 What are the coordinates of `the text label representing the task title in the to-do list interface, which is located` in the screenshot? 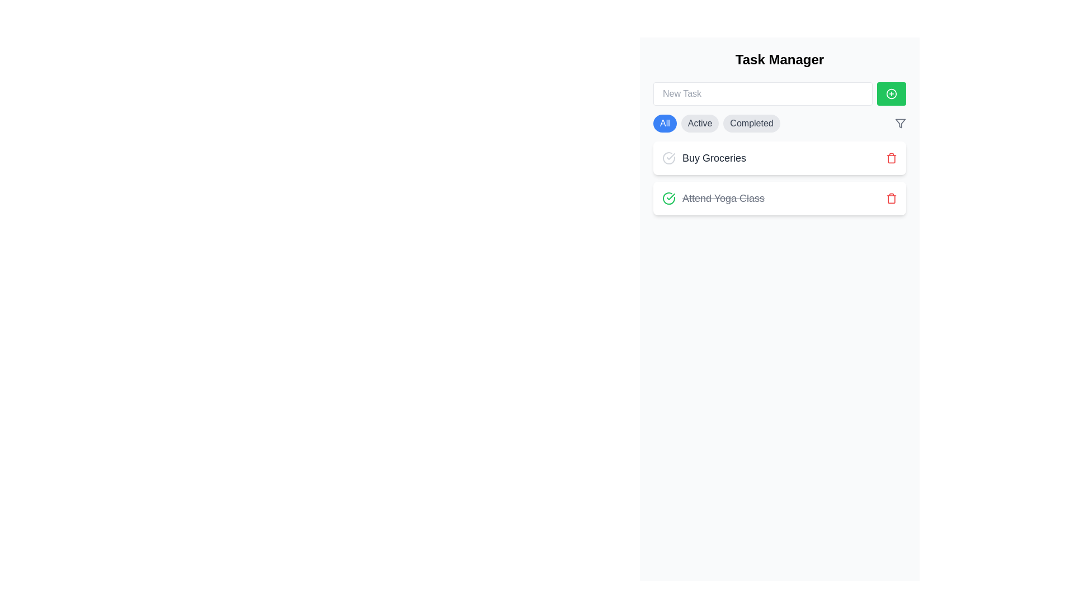 It's located at (713, 158).